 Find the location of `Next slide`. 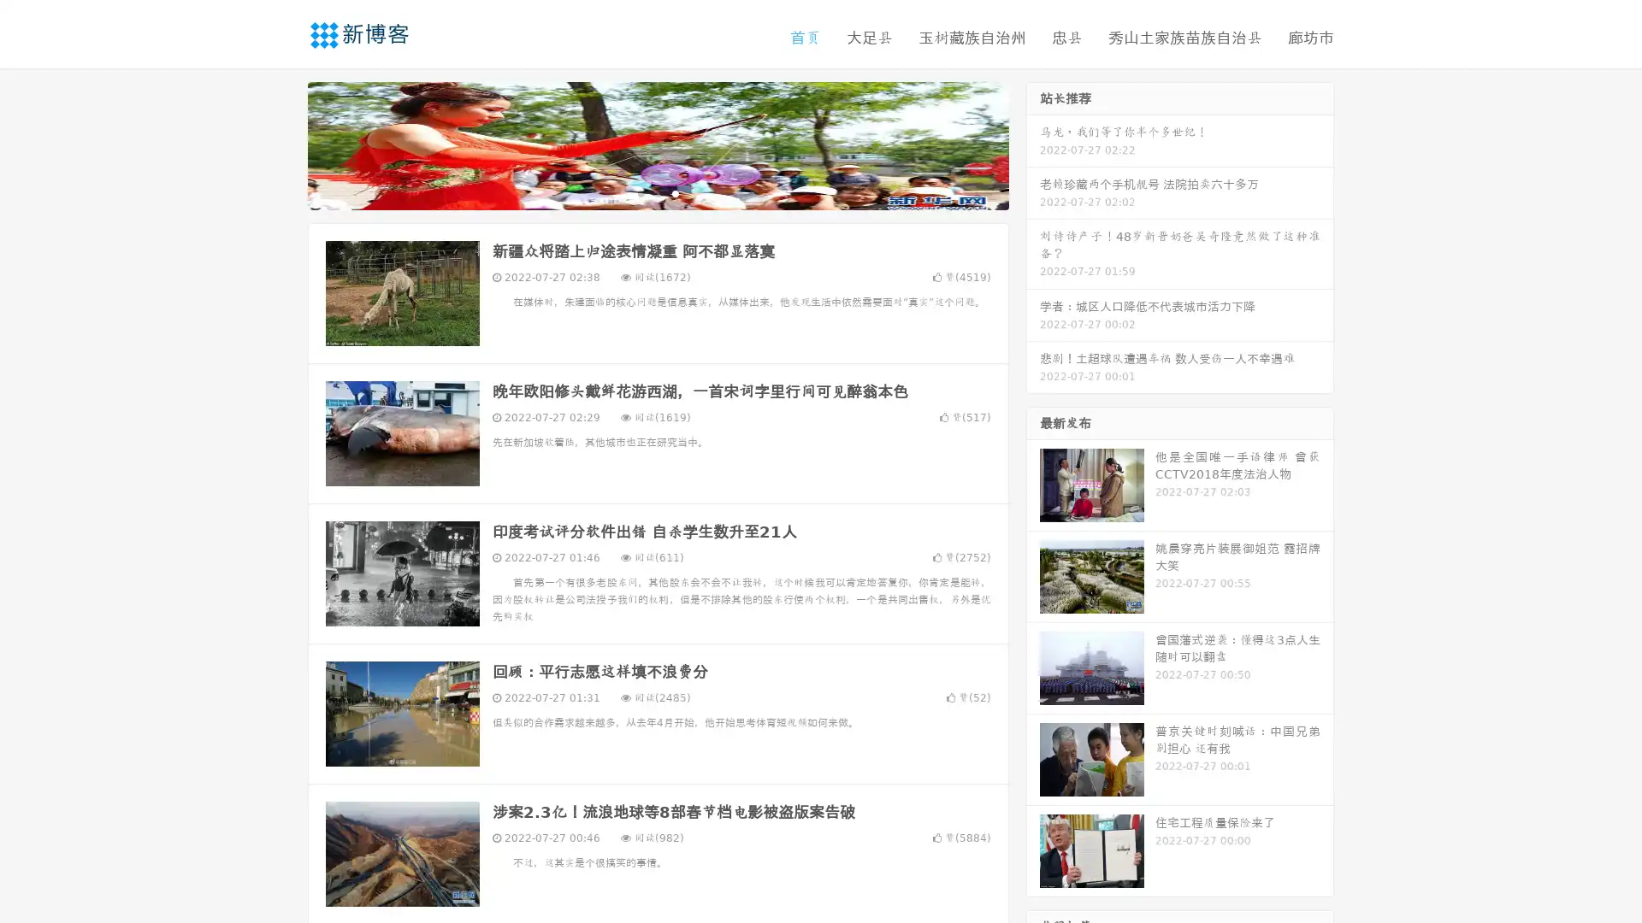

Next slide is located at coordinates (1033, 144).